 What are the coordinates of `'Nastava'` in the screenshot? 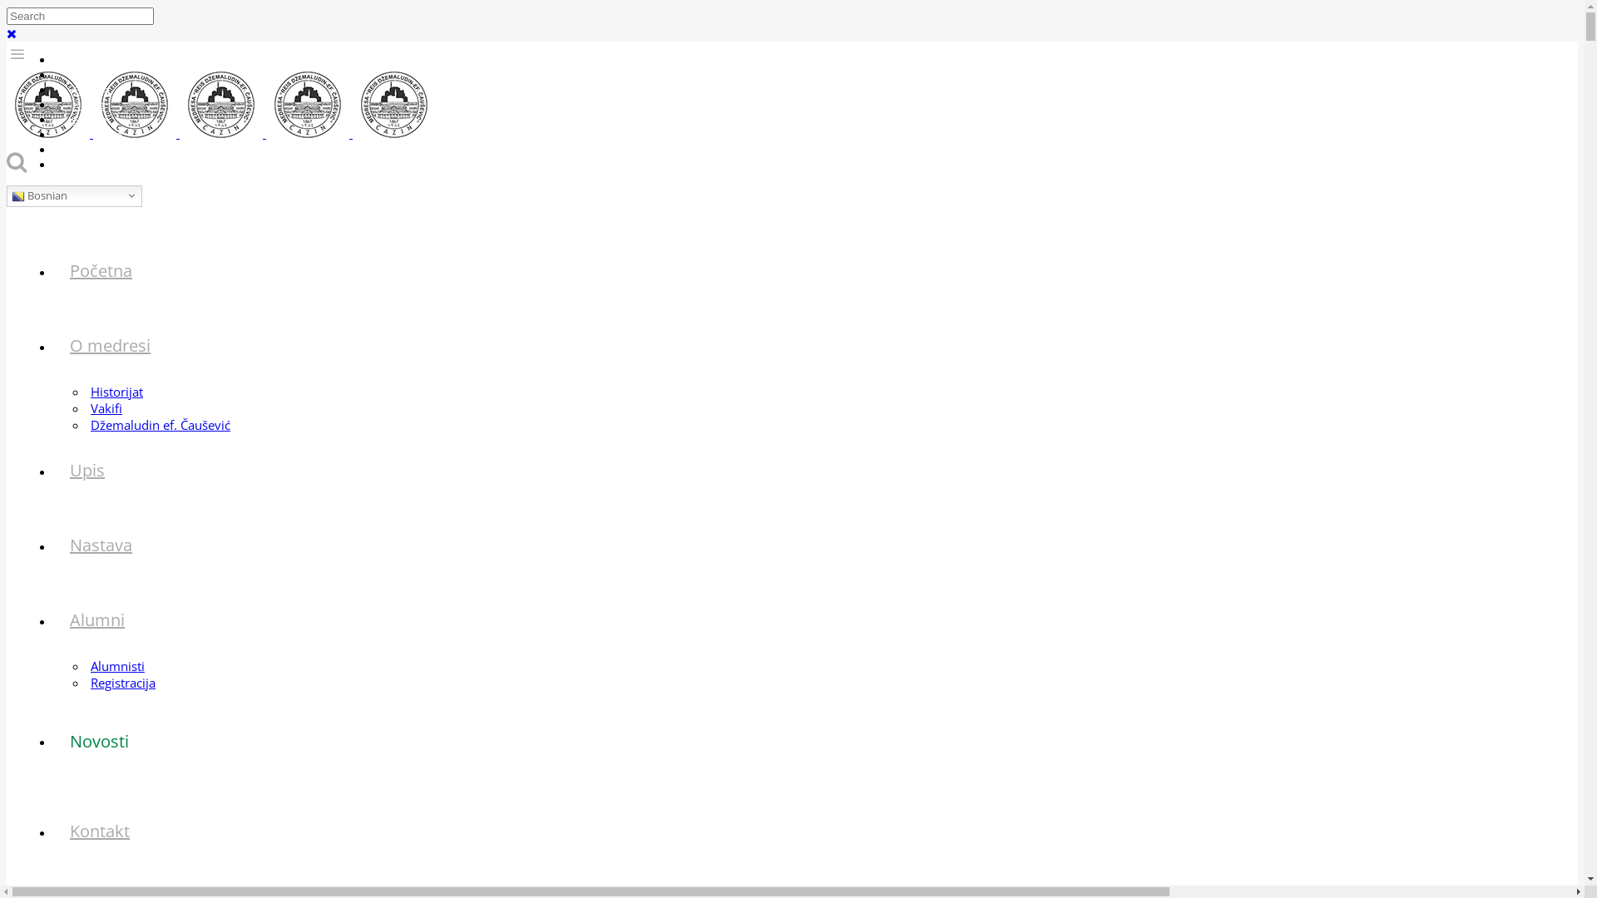 It's located at (100, 545).